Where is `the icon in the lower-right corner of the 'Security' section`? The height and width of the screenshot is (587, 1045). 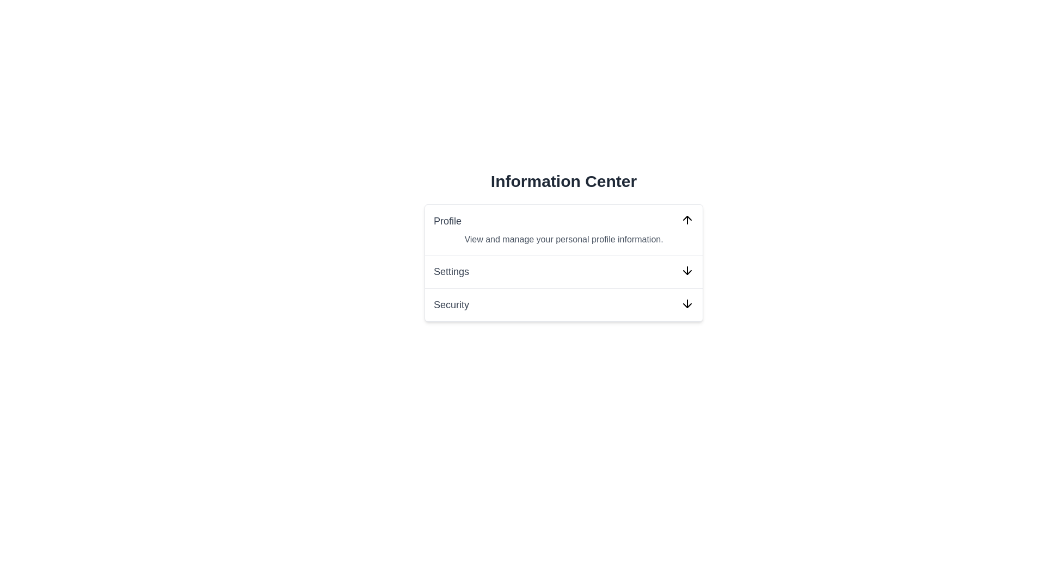
the icon in the lower-right corner of the 'Security' section is located at coordinates (686, 304).